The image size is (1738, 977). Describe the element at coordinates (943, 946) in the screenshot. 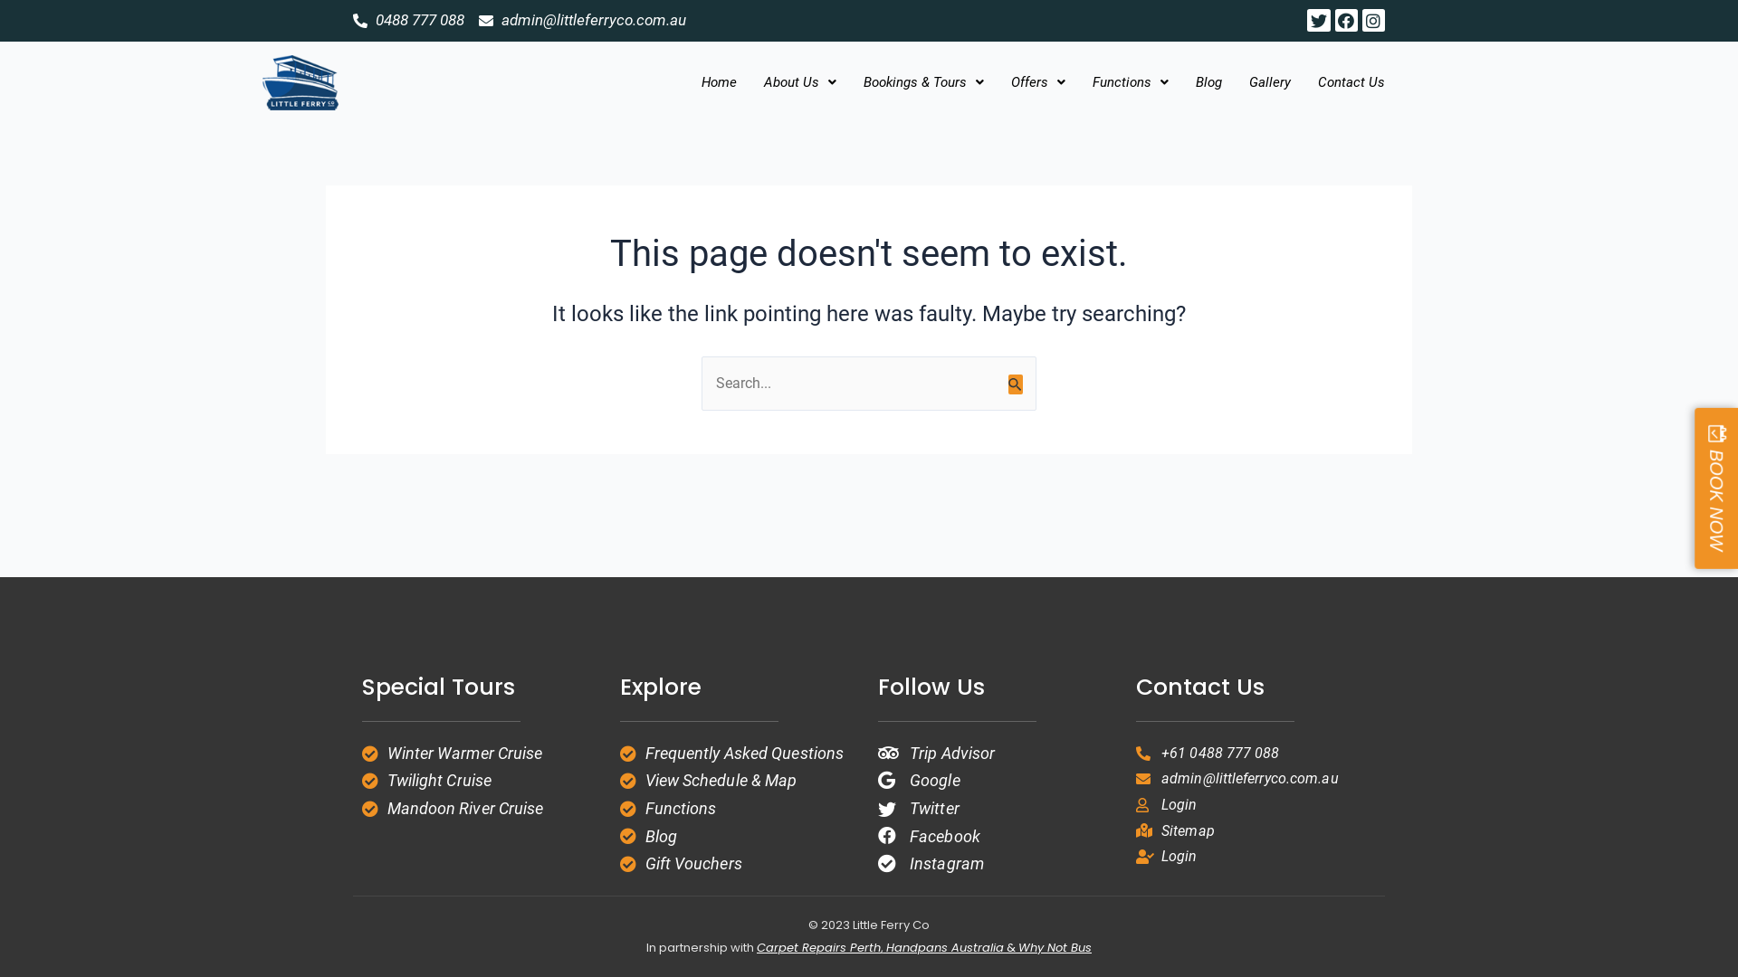

I see `'Handpans Australia'` at that location.